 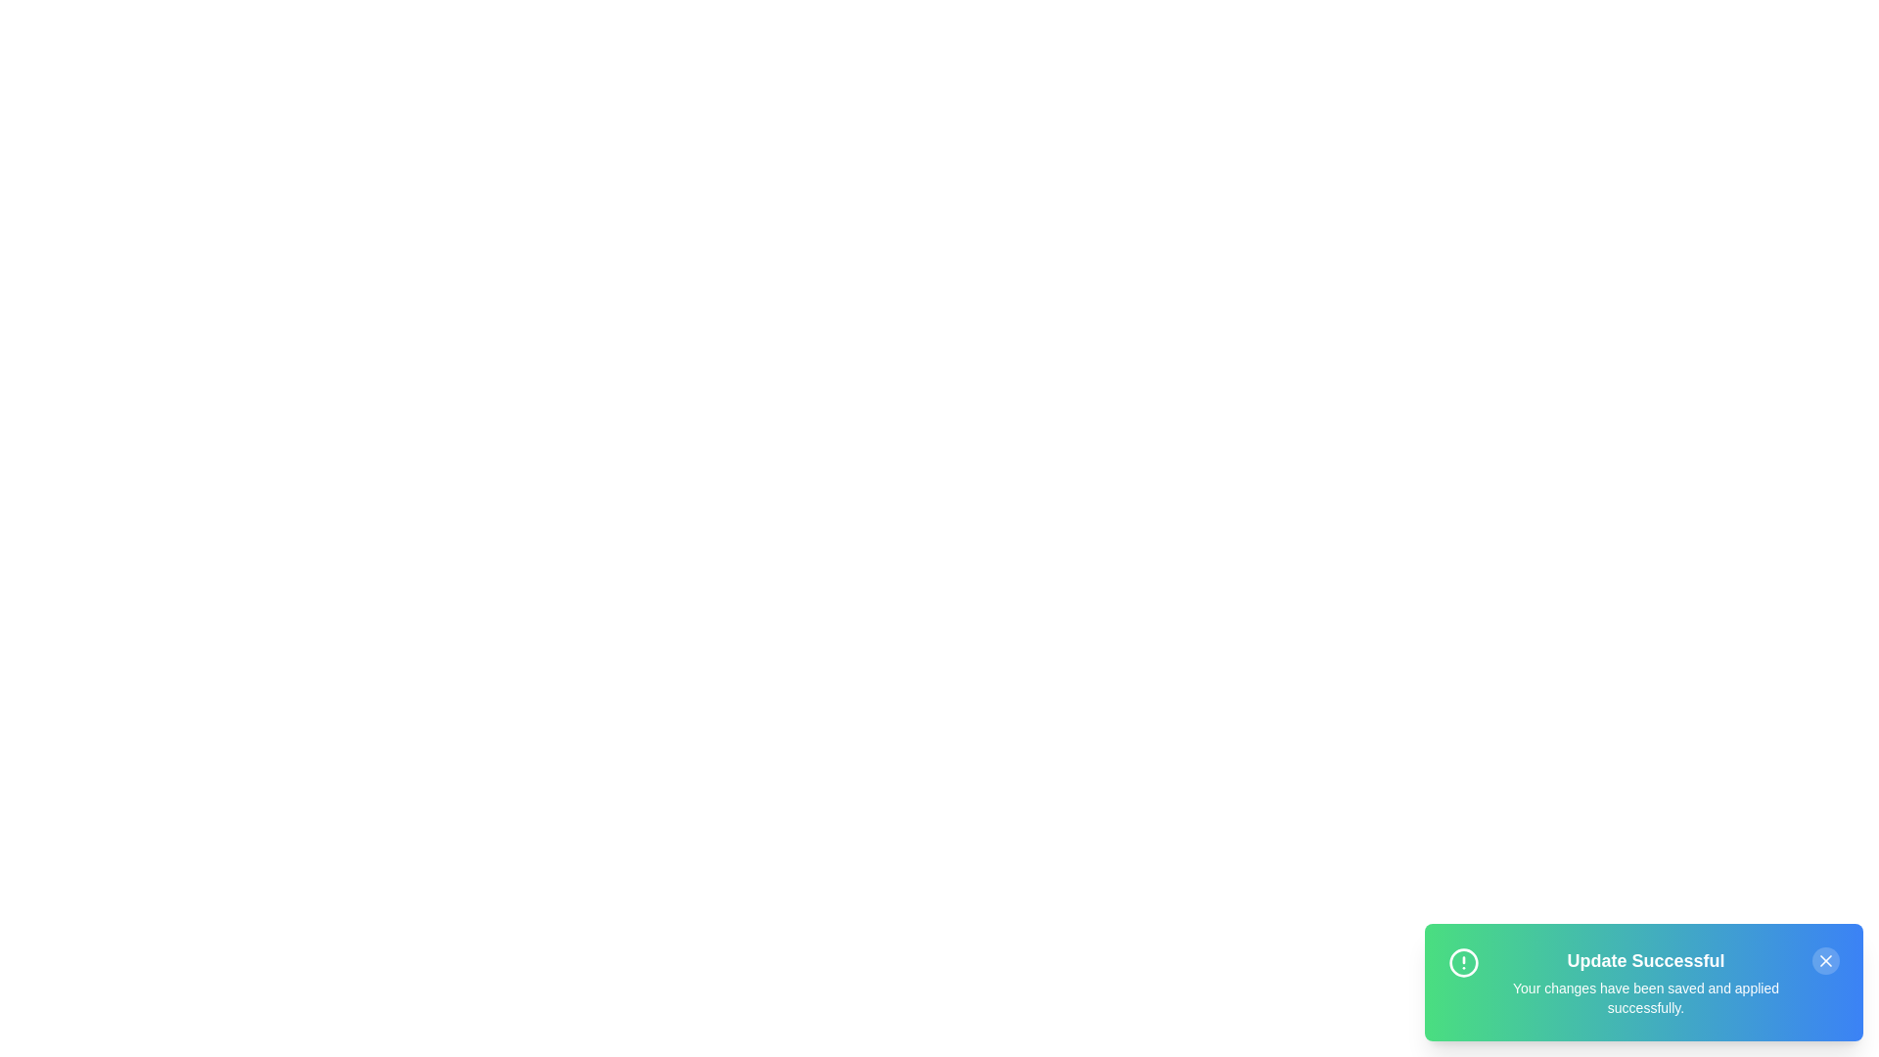 I want to click on the close button to dismiss the notification, so click(x=1825, y=960).